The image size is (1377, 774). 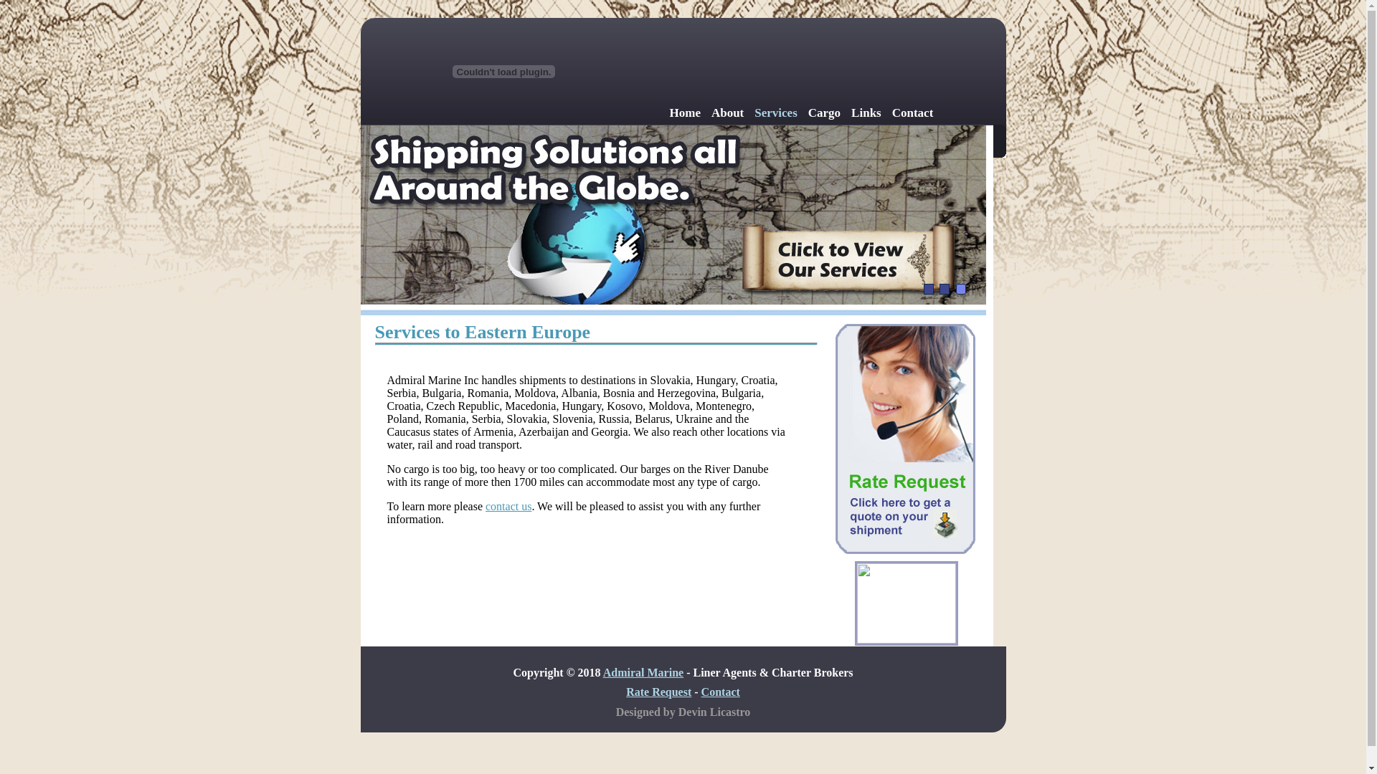 I want to click on 'About', so click(x=727, y=112).